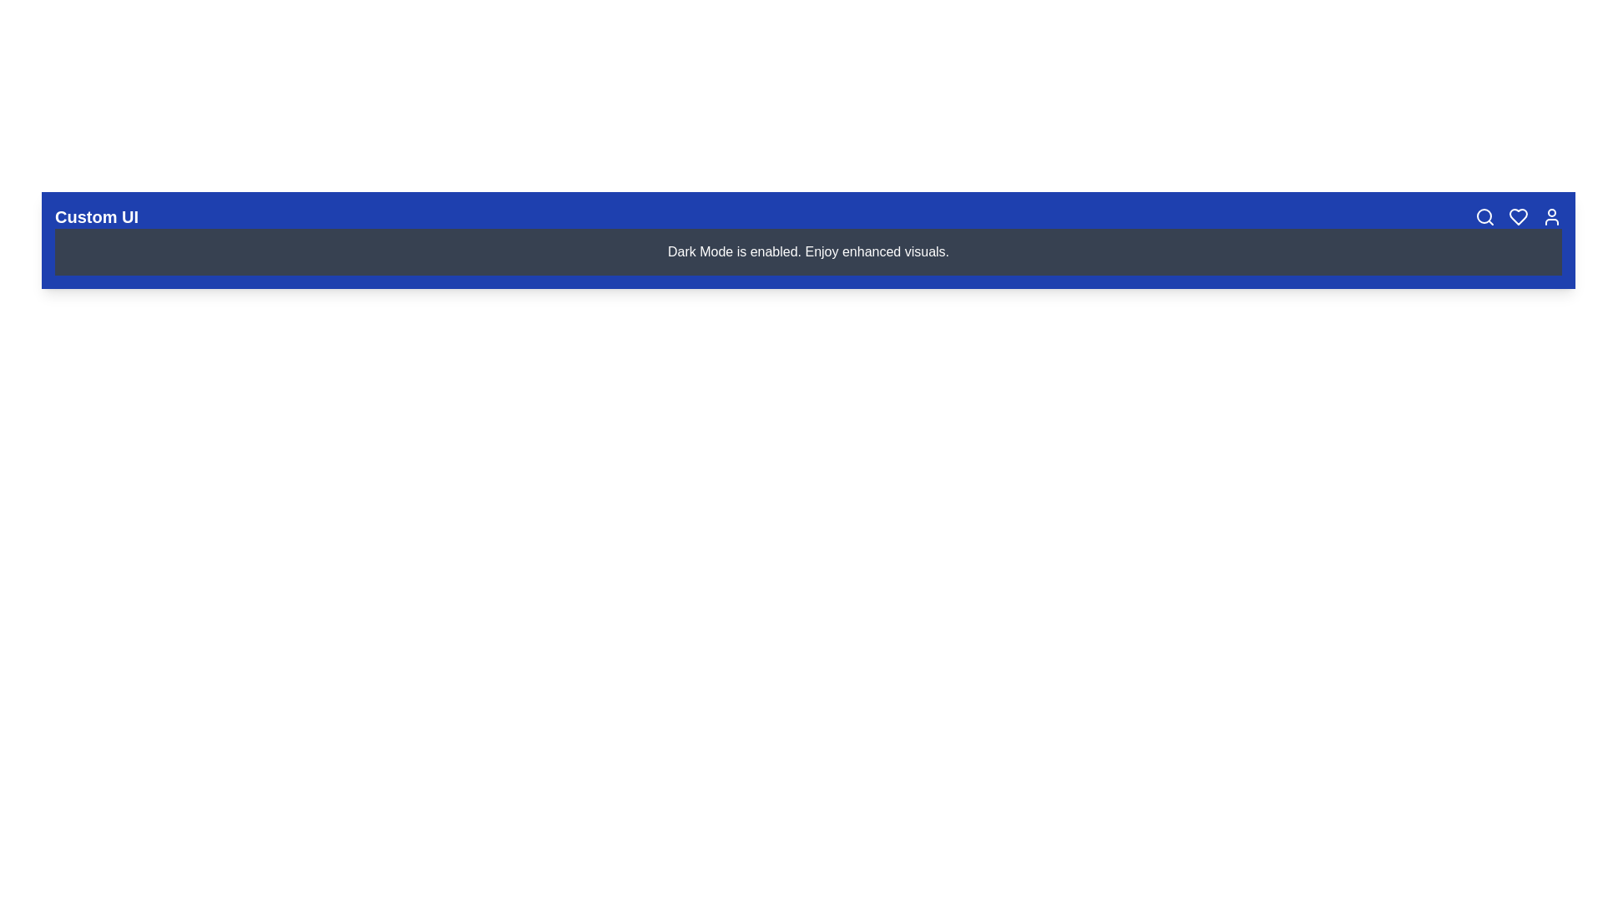  I want to click on user icon to toggle the dark mode, so click(1550, 215).